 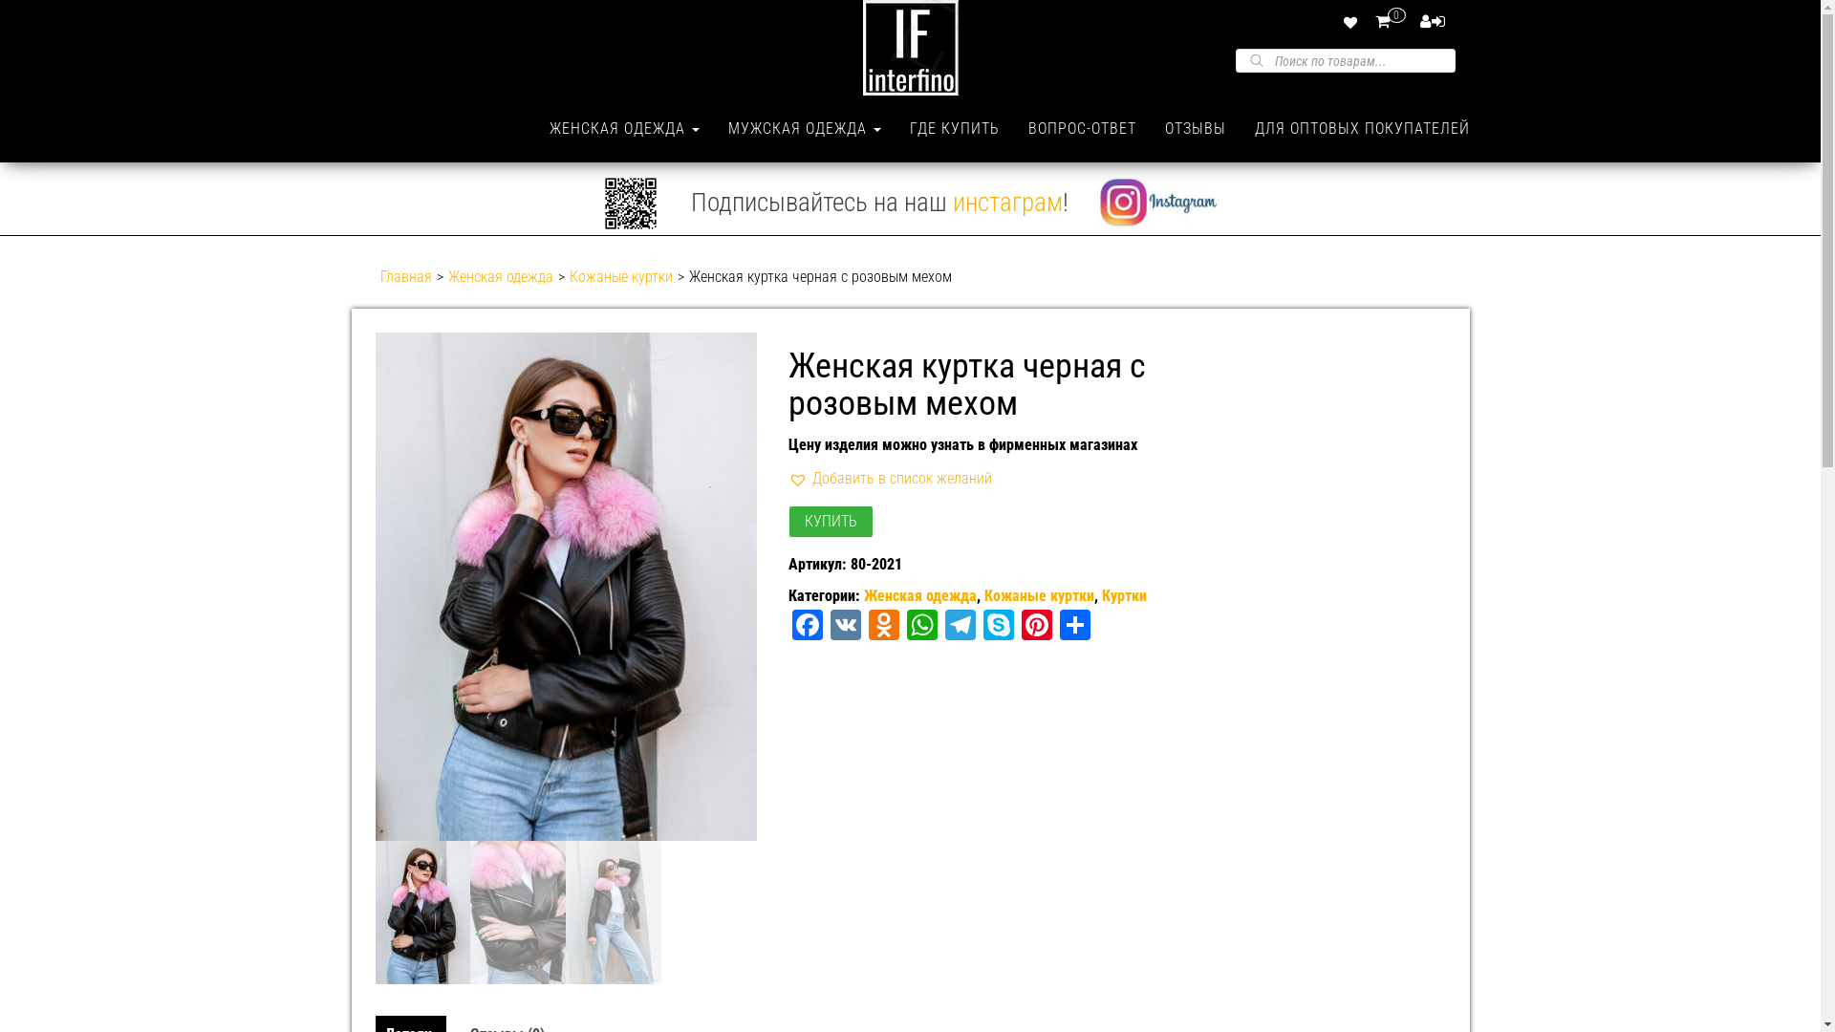 I want to click on '0', so click(x=1394, y=21).